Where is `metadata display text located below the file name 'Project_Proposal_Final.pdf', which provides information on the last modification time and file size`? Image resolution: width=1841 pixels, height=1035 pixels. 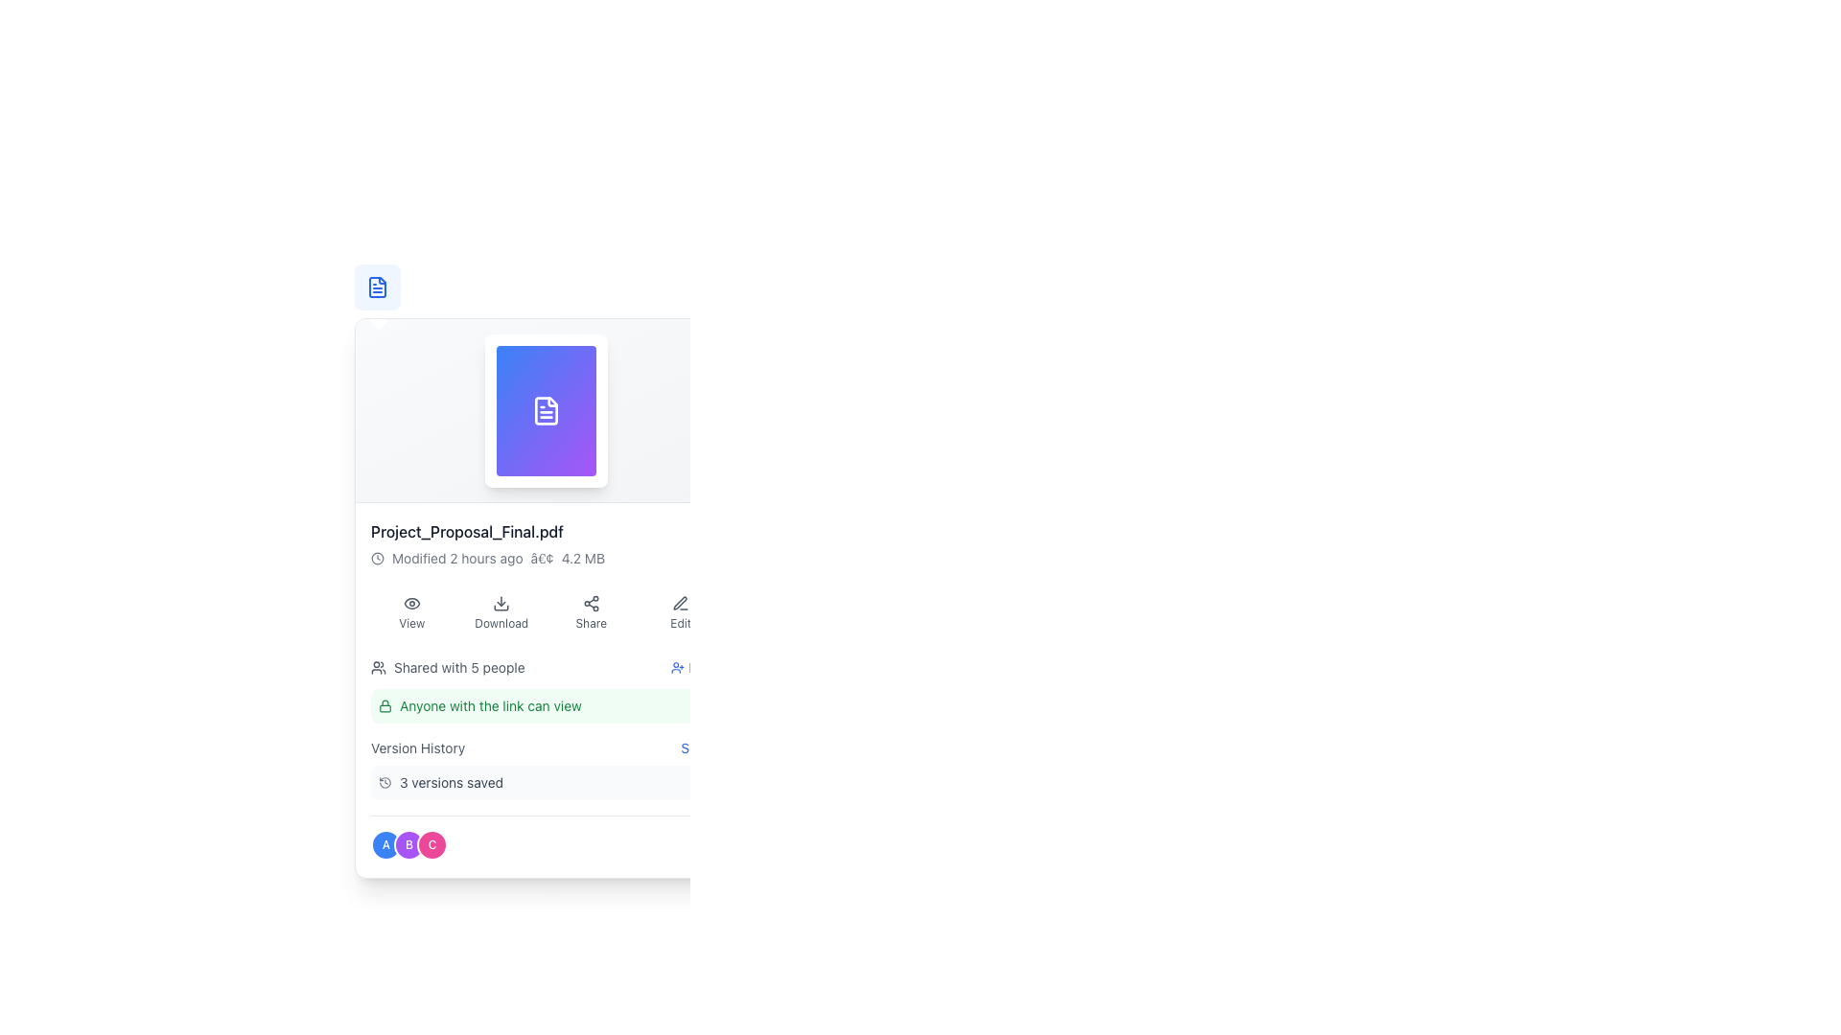
metadata display text located below the file name 'Project_Proposal_Final.pdf', which provides information on the last modification time and file size is located at coordinates (546, 558).